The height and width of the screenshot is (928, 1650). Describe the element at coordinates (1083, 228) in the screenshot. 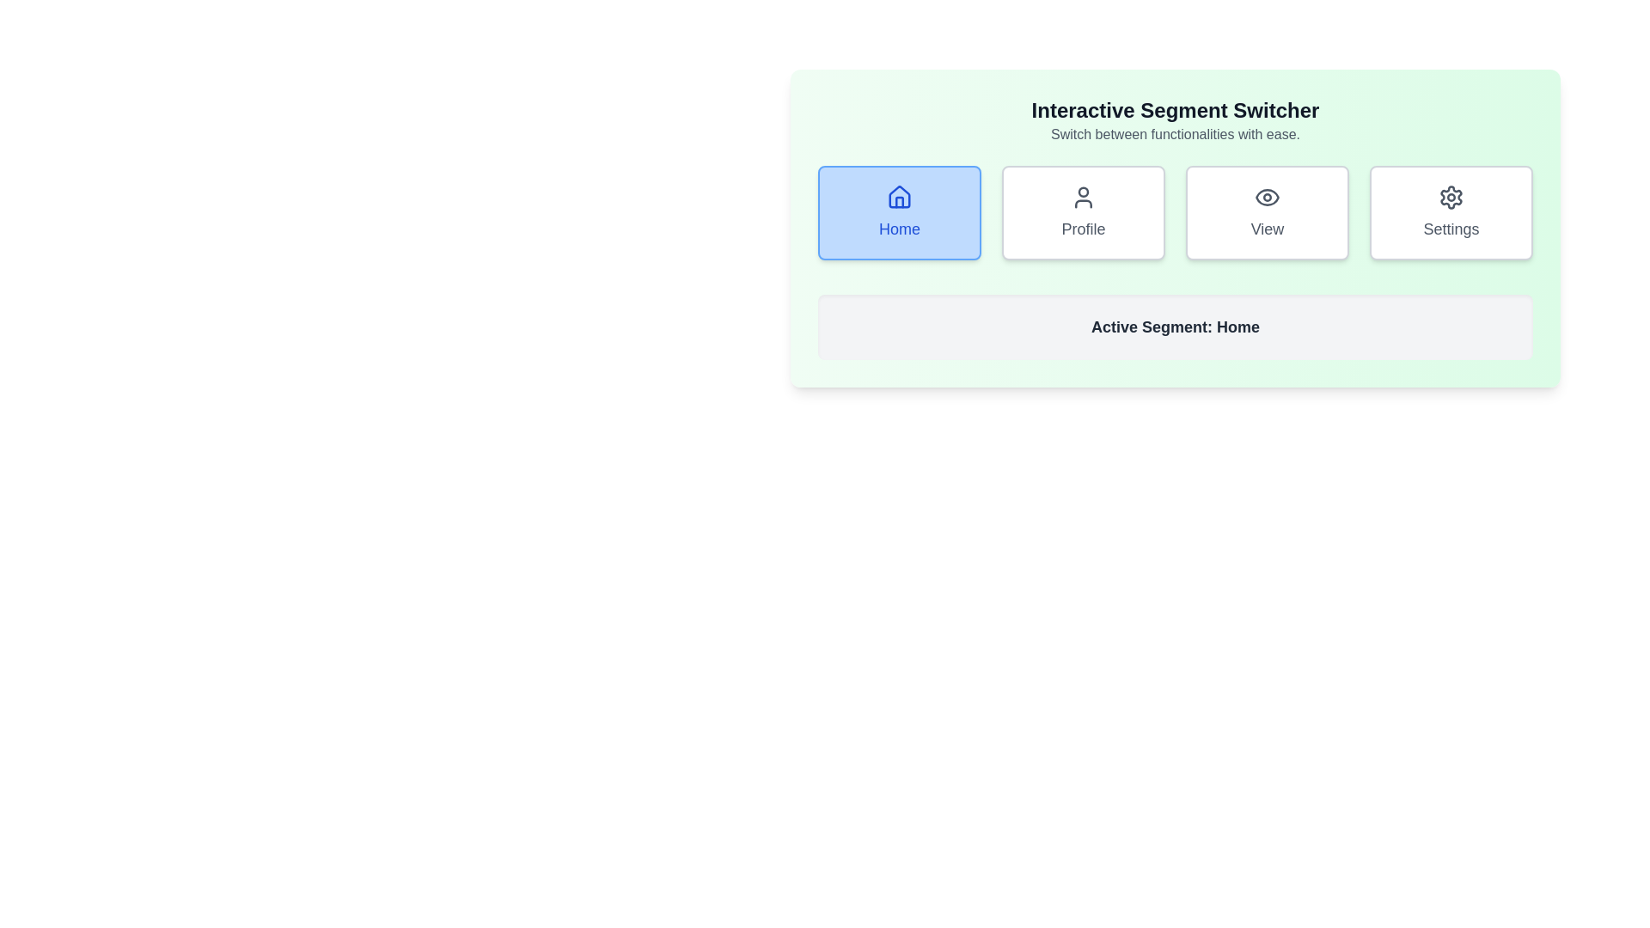

I see `the 'Profile' text label, which is styled in gray, located inside a card component below a user silhouette icon` at that location.